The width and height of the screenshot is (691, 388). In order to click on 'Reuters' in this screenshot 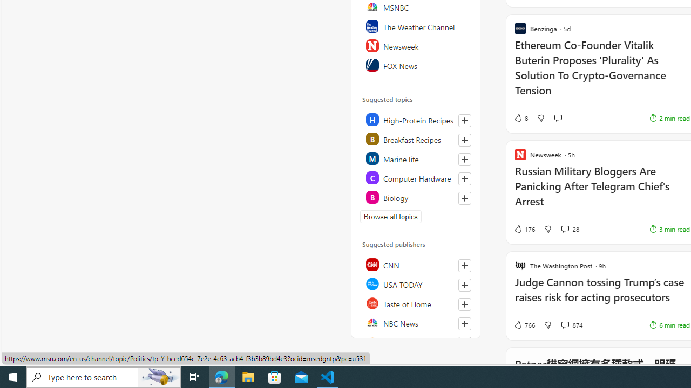, I will do `click(416, 342)`.